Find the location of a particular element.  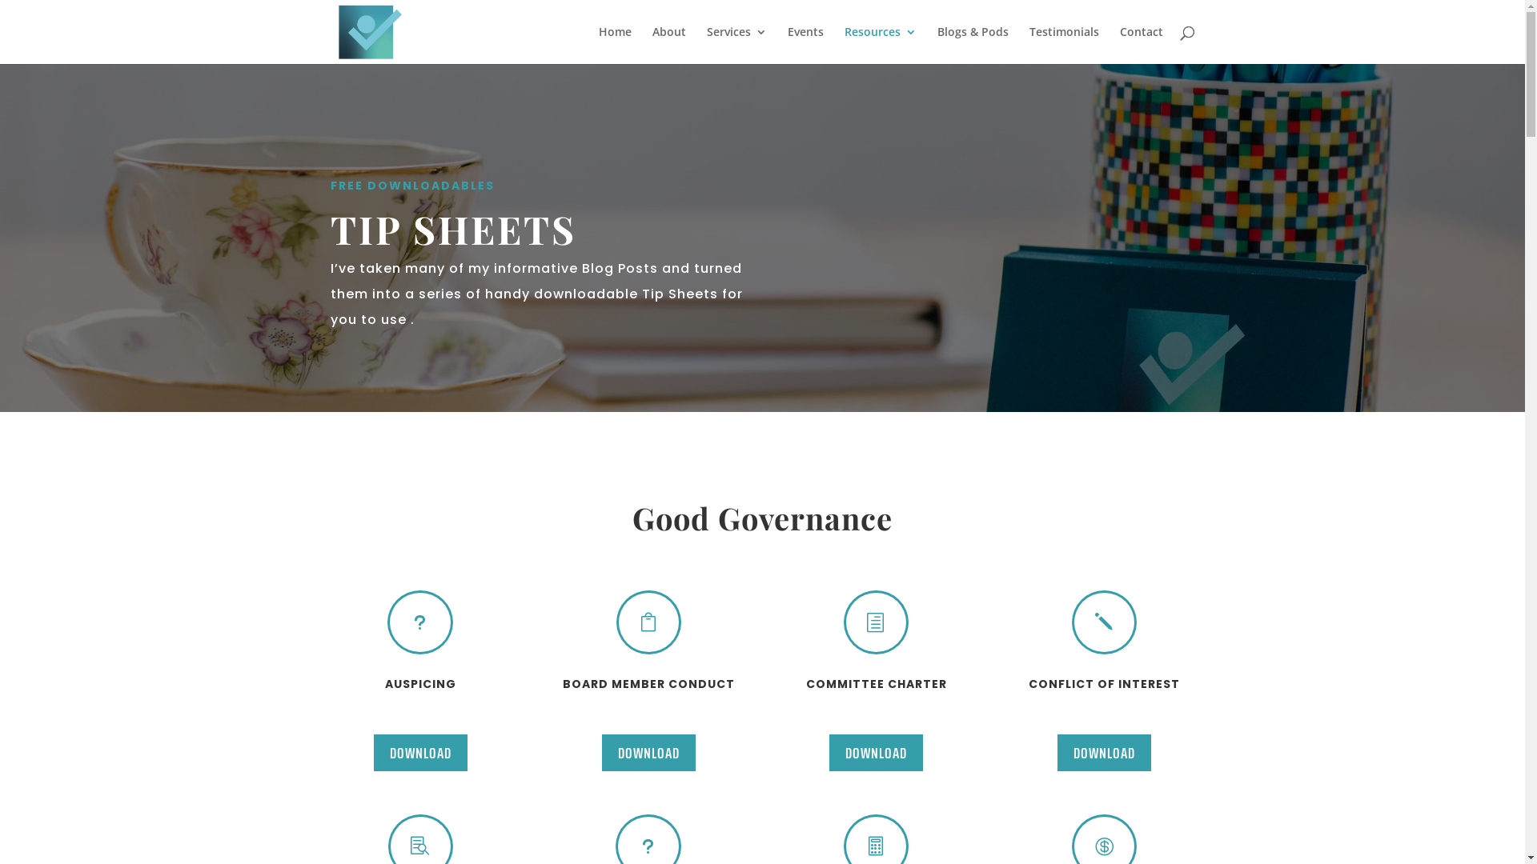

'About' is located at coordinates (668, 44).